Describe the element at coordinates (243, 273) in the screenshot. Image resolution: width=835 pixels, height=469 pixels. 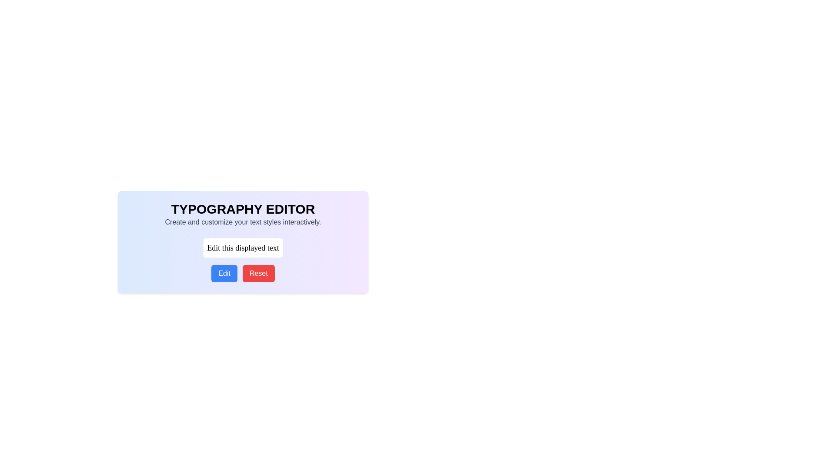
I see `the 'Reset' button, the second button in the grouped UI component with 'Edit' and 'Reset' buttons, using keyboard navigation` at that location.